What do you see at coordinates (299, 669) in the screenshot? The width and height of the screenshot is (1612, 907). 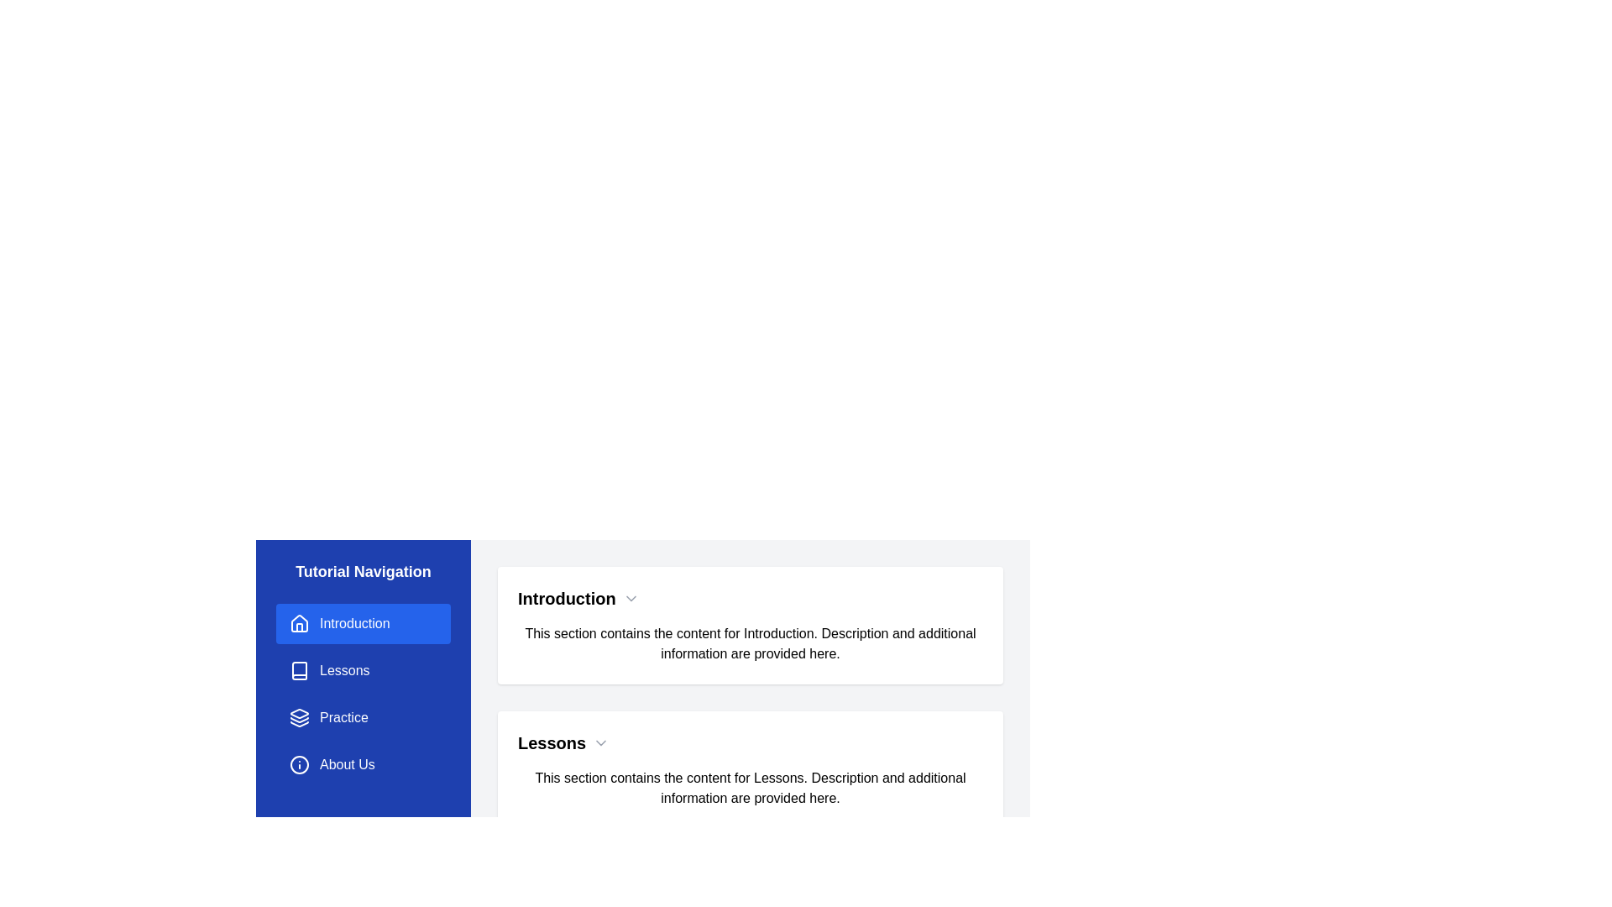 I see `the book icon with a blue background and white outline, located adjacent to the 'Lessons' text in the vertical navigation bar` at bounding box center [299, 669].